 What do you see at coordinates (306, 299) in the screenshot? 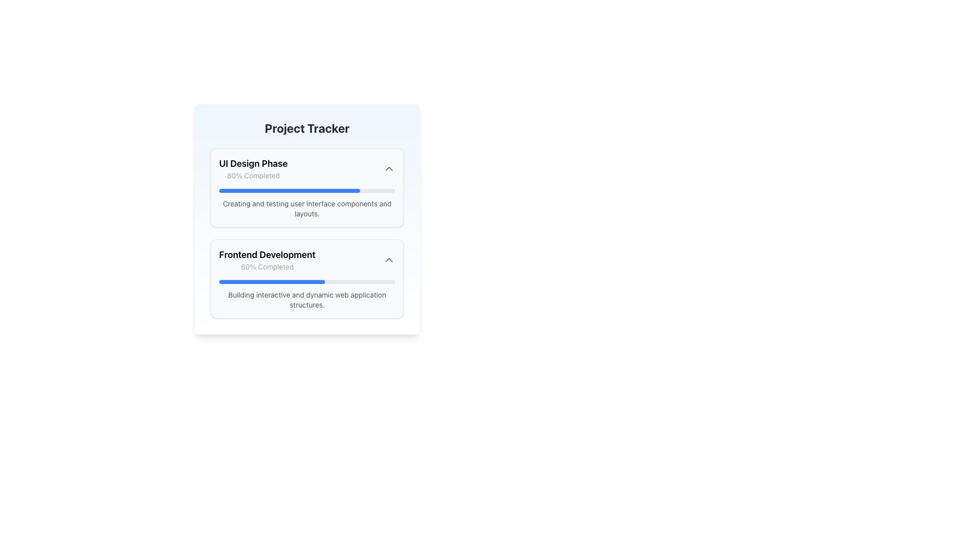
I see `descriptive text label located below the progress bar in the 'Frontend Development' section, which provides context about the tasks involved in this phase` at bounding box center [306, 299].